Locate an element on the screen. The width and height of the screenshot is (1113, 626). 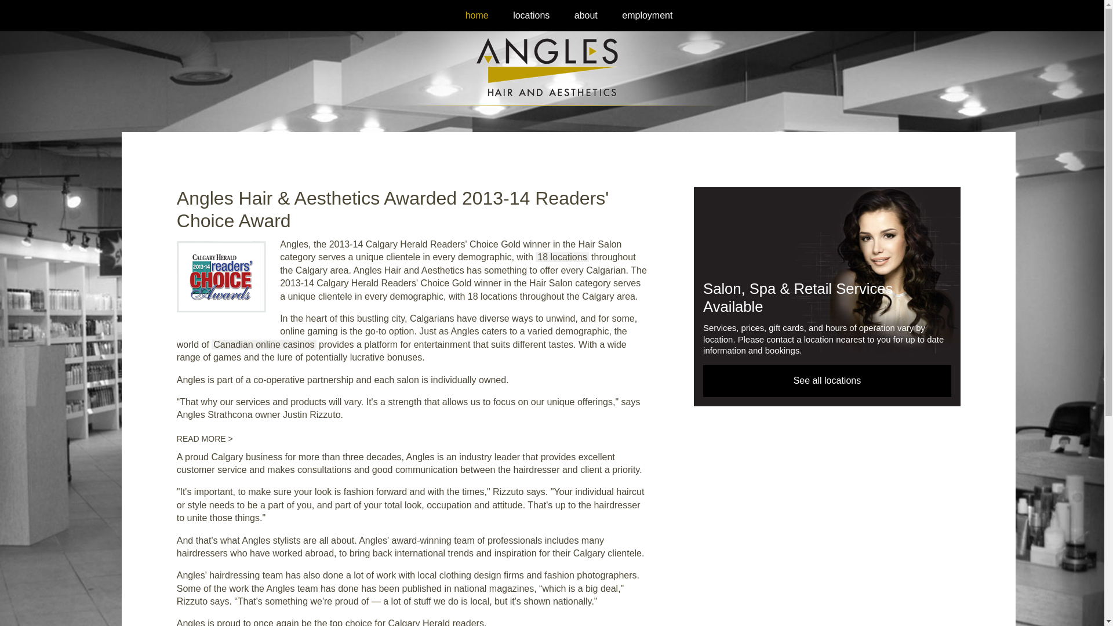
'about' is located at coordinates (573, 15).